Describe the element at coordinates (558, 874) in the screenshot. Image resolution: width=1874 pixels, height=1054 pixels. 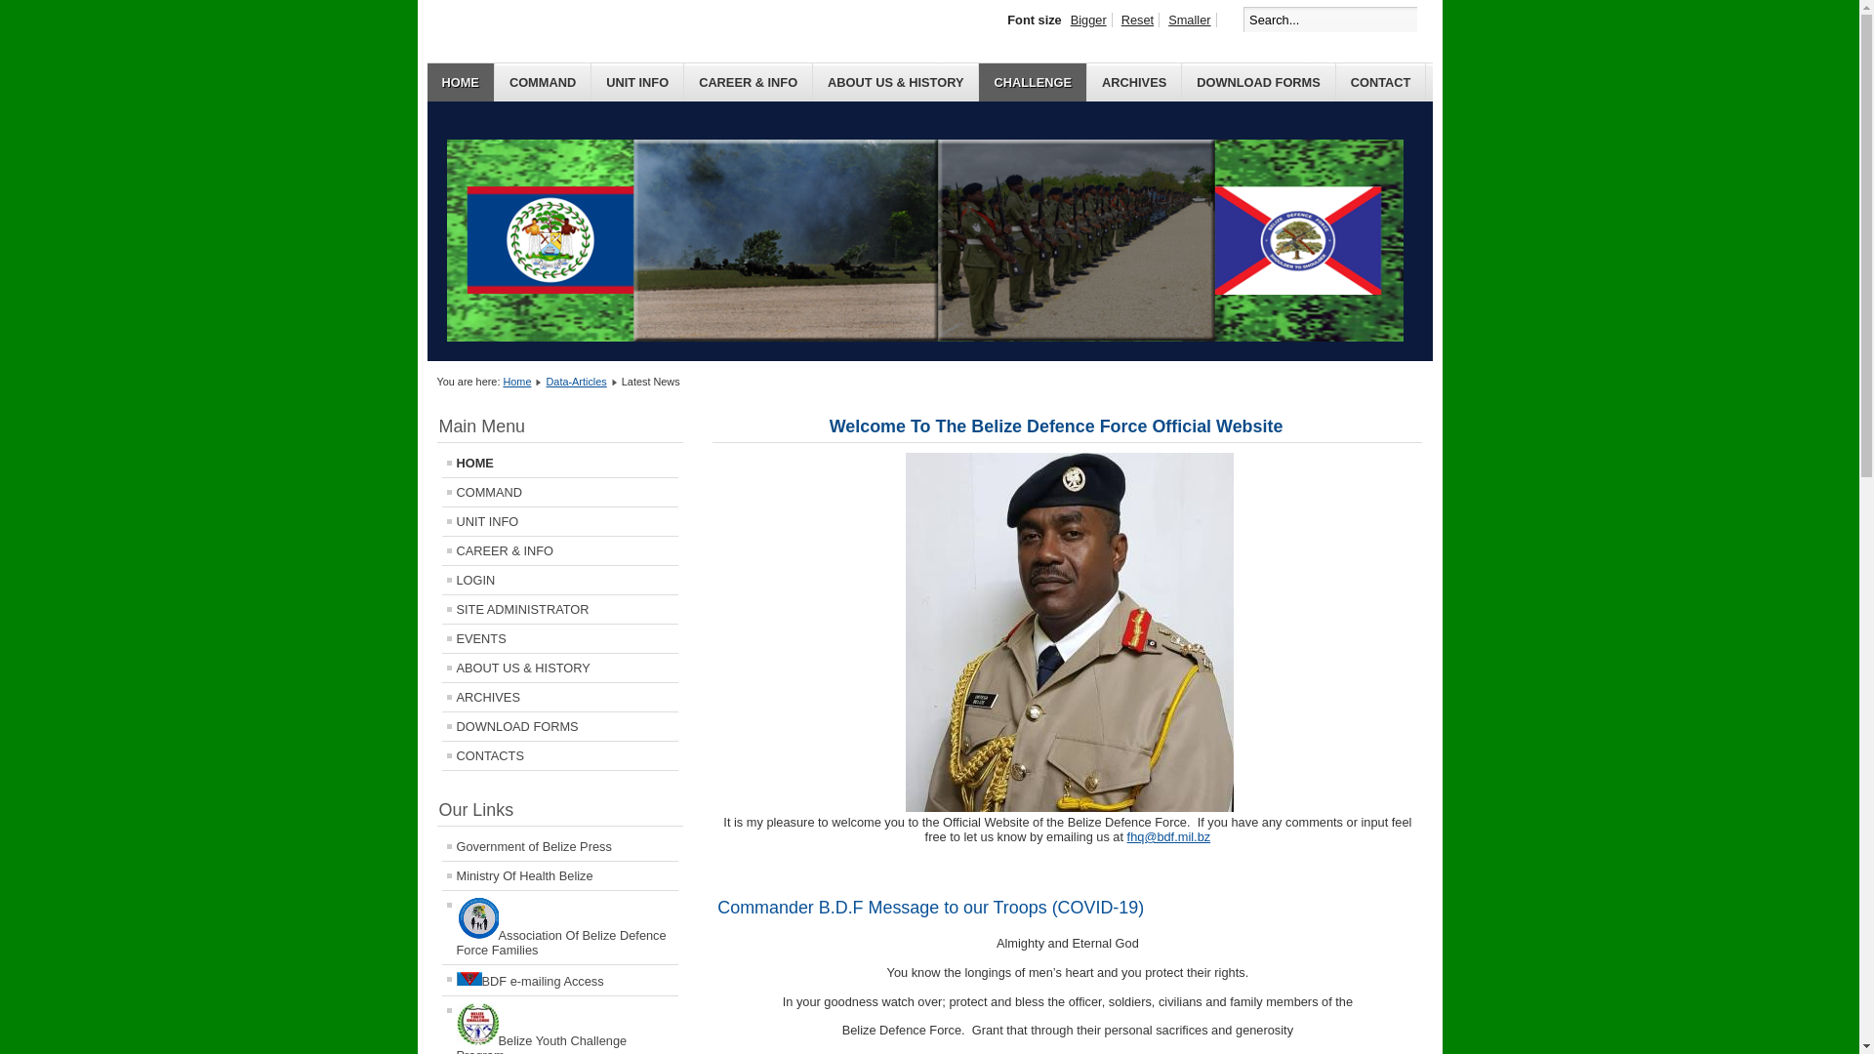
I see `'Ministry Of Health Belize'` at that location.